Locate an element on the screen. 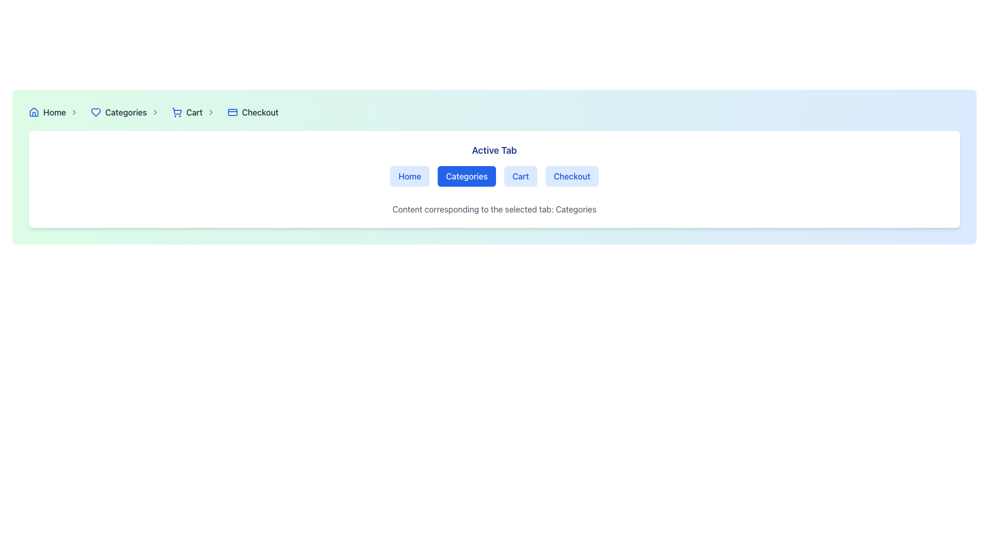 The image size is (991, 557). the 'Checkout' button, which is a rectangular button with a blue background and text, located is located at coordinates (571, 176).